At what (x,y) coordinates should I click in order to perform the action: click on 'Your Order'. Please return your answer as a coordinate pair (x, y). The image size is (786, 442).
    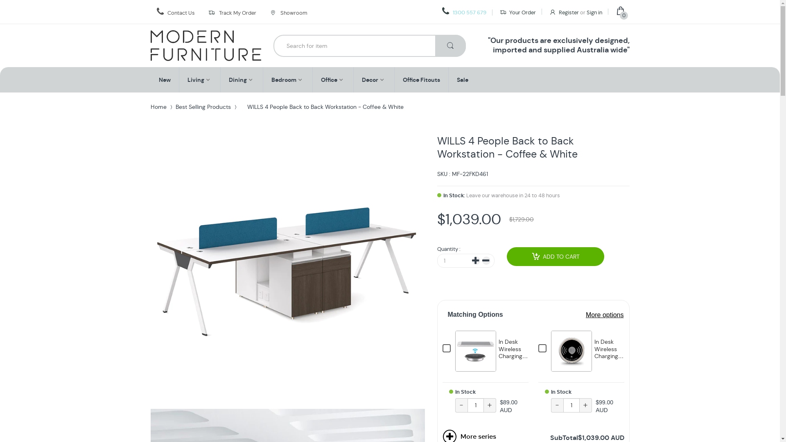
    Looking at the image, I should click on (499, 12).